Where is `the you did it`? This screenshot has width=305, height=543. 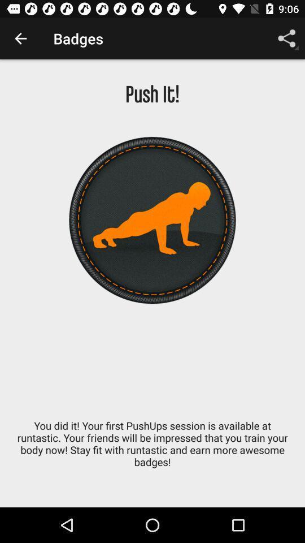
the you did it is located at coordinates (152, 450).